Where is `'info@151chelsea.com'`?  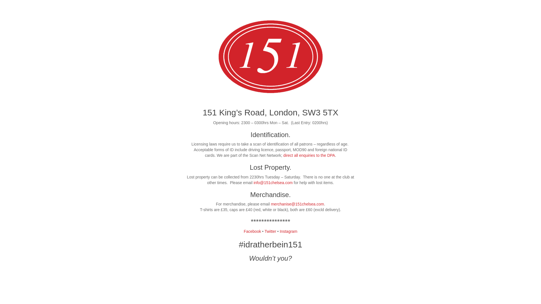 'info@151chelsea.com' is located at coordinates (273, 182).